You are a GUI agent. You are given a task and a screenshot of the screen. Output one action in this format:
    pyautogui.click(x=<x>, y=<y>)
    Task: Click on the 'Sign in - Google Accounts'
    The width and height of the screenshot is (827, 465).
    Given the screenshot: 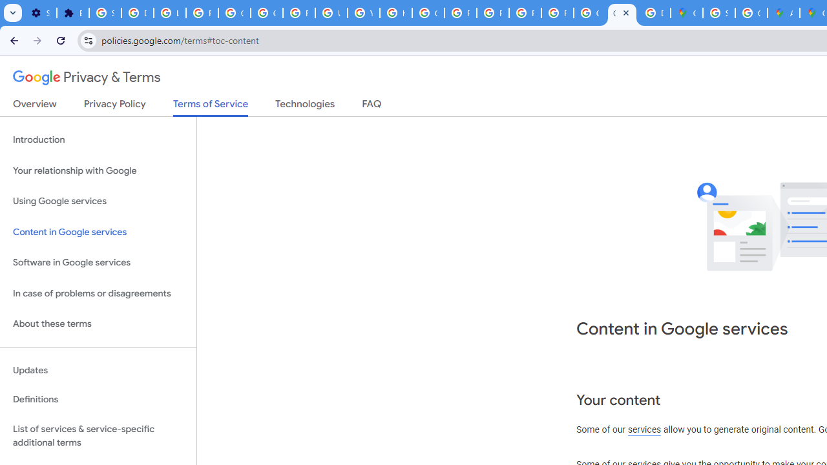 What is the action you would take?
    pyautogui.click(x=718, y=13)
    